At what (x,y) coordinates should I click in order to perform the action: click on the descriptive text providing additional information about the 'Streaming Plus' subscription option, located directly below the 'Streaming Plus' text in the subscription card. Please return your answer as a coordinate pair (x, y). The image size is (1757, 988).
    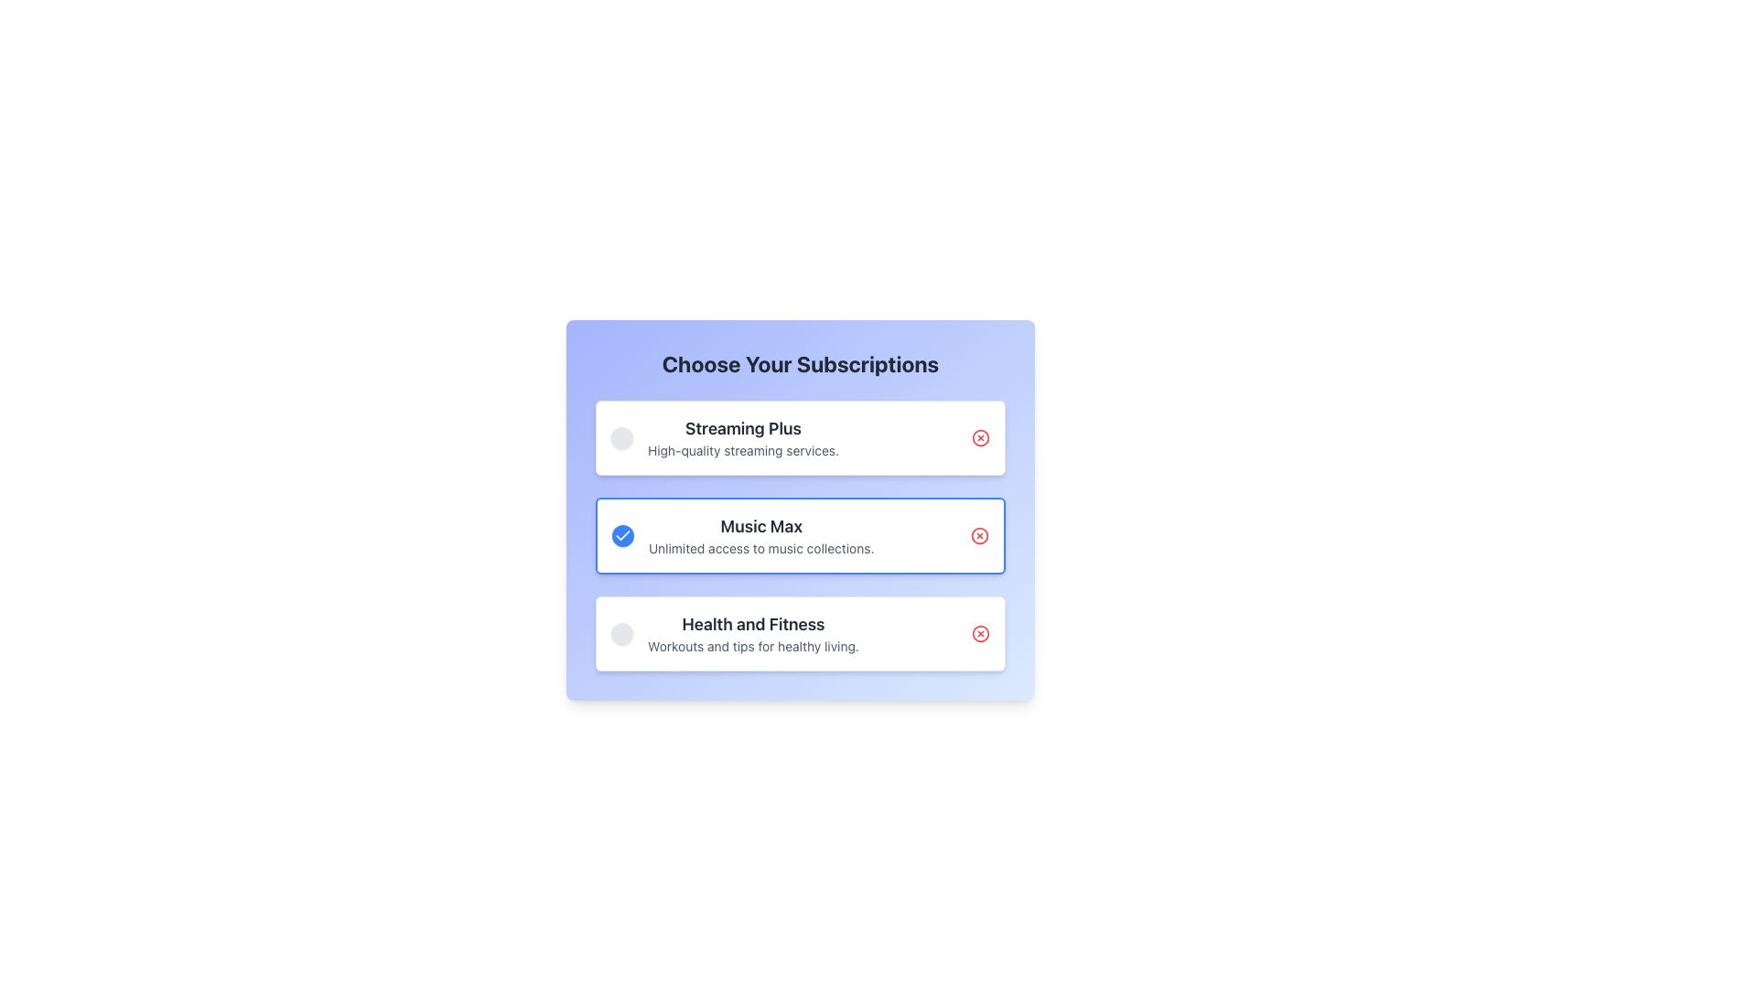
    Looking at the image, I should click on (743, 451).